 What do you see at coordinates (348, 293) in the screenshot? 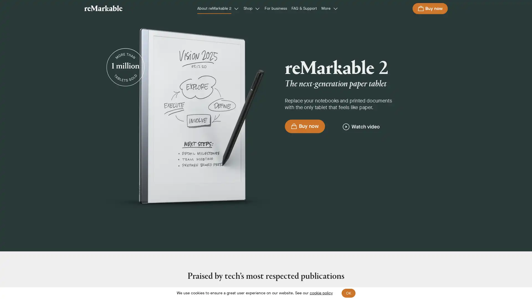
I see `OK` at bounding box center [348, 293].